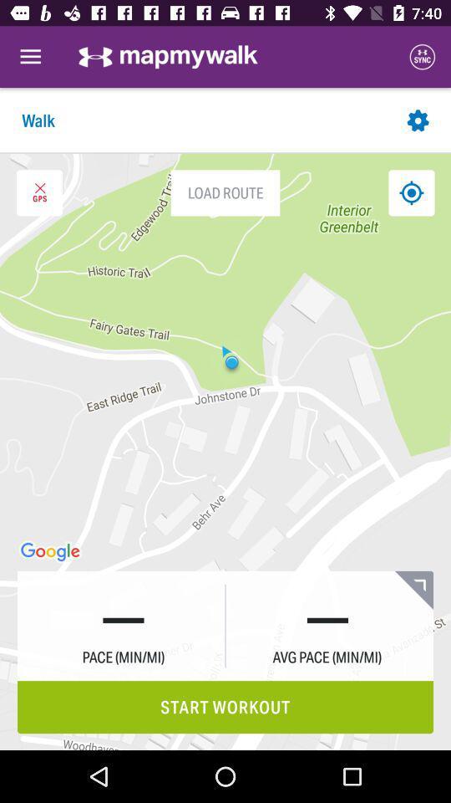 Image resolution: width=451 pixels, height=803 pixels. What do you see at coordinates (39, 192) in the screenshot?
I see `exit gps` at bounding box center [39, 192].